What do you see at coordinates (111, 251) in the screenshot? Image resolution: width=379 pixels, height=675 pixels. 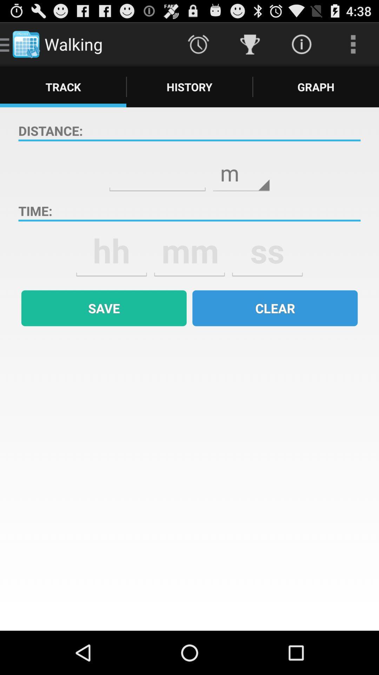 I see `hh` at bounding box center [111, 251].